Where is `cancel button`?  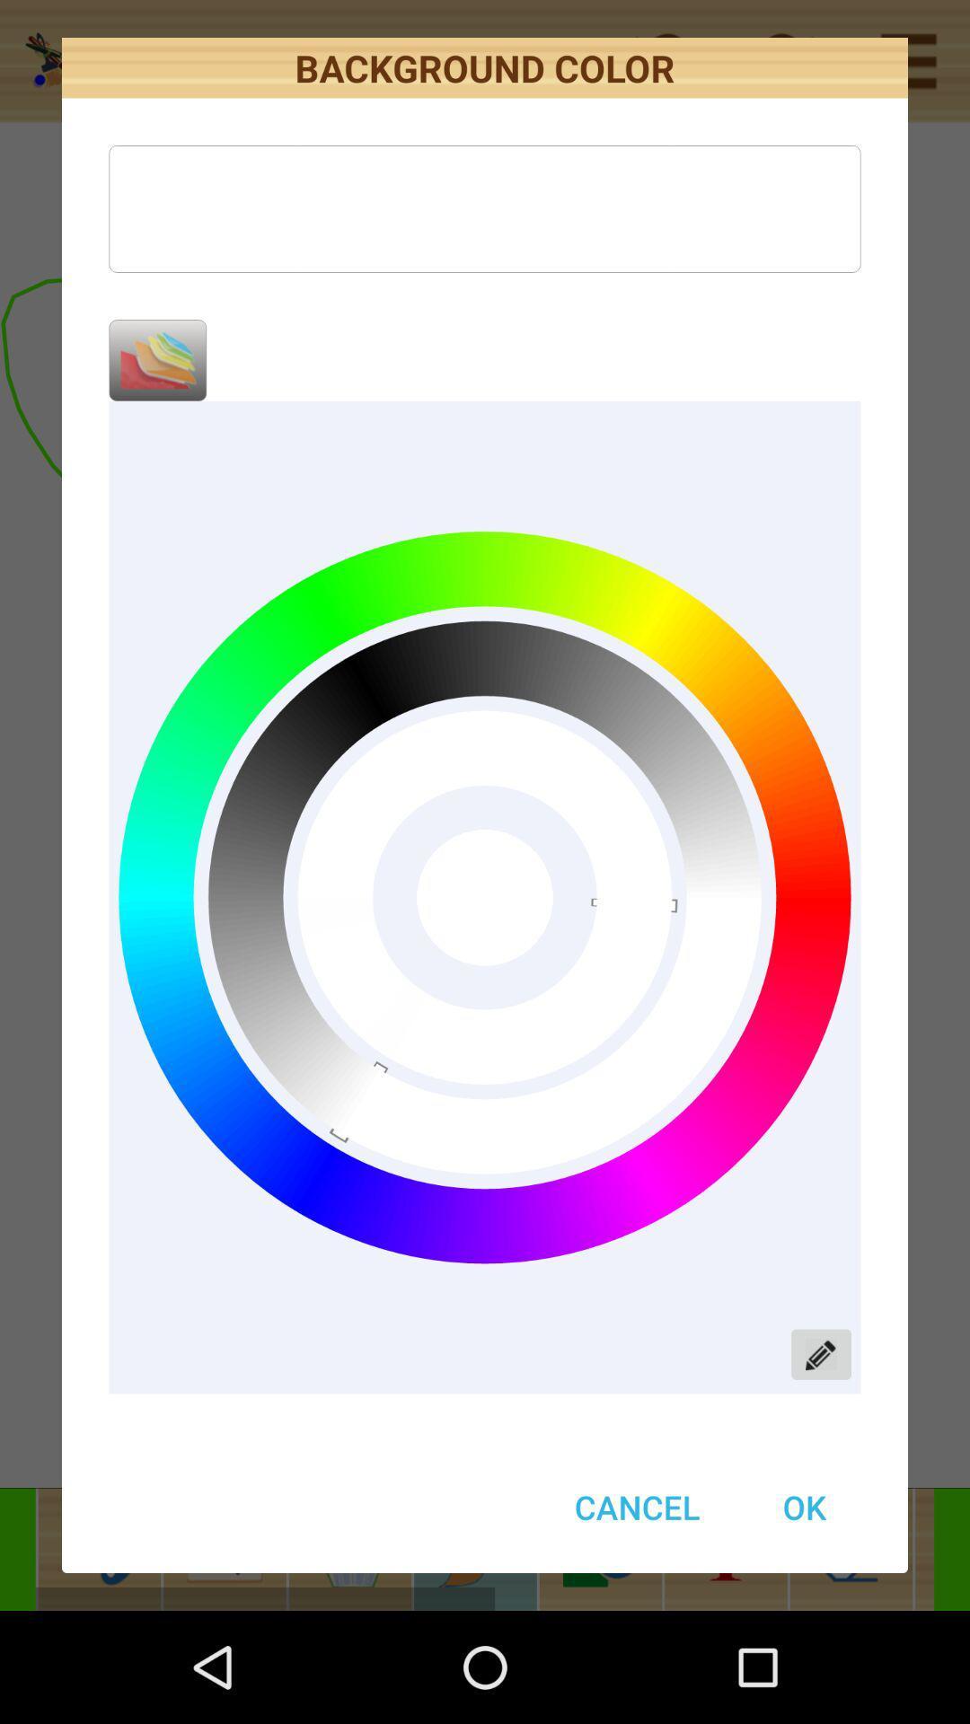
cancel button is located at coordinates (636, 1507).